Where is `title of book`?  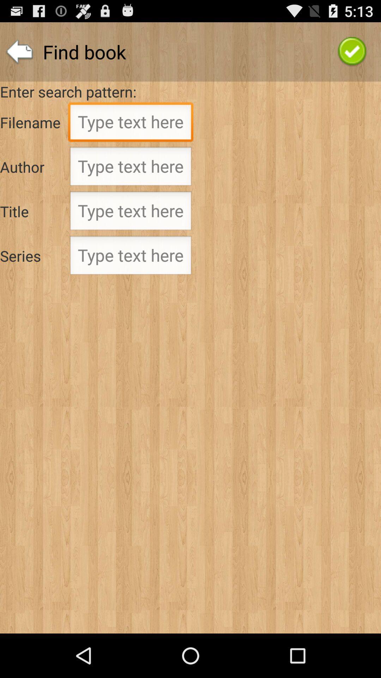
title of book is located at coordinates (131, 213).